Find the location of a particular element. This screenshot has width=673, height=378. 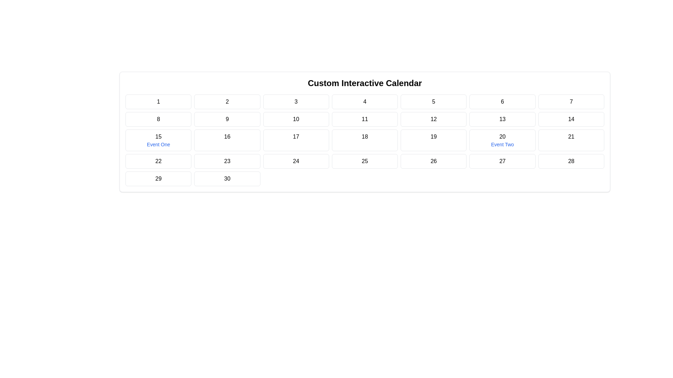

the Text Display showing the number '21' in a black font with a white background, located in the third row and seventh column of the calendar grid is located at coordinates (571, 140).